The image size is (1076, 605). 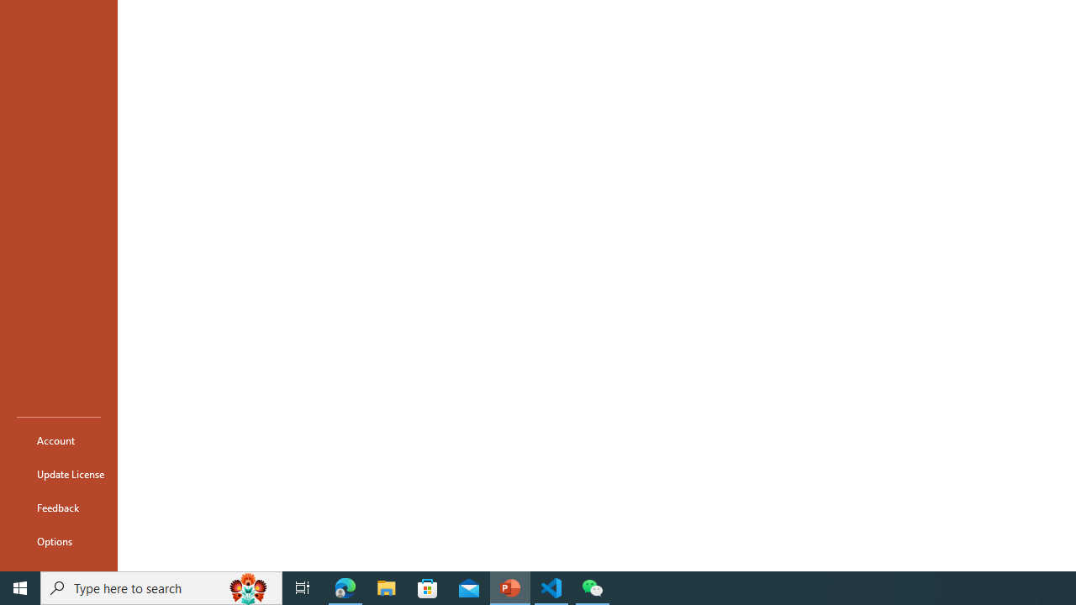 I want to click on 'Options', so click(x=58, y=541).